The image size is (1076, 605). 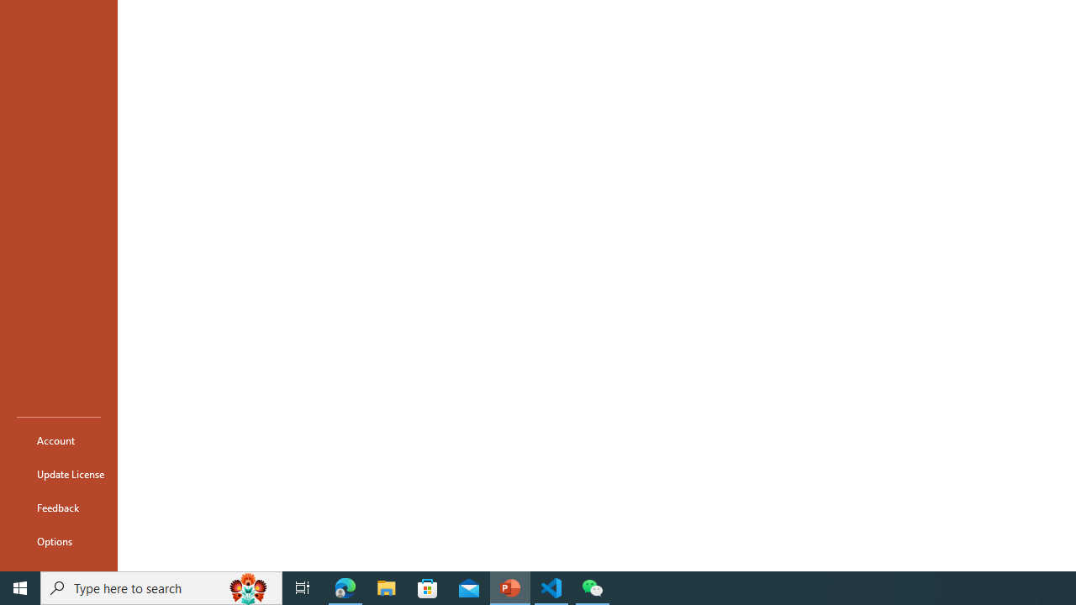 I want to click on 'Options', so click(x=58, y=541).